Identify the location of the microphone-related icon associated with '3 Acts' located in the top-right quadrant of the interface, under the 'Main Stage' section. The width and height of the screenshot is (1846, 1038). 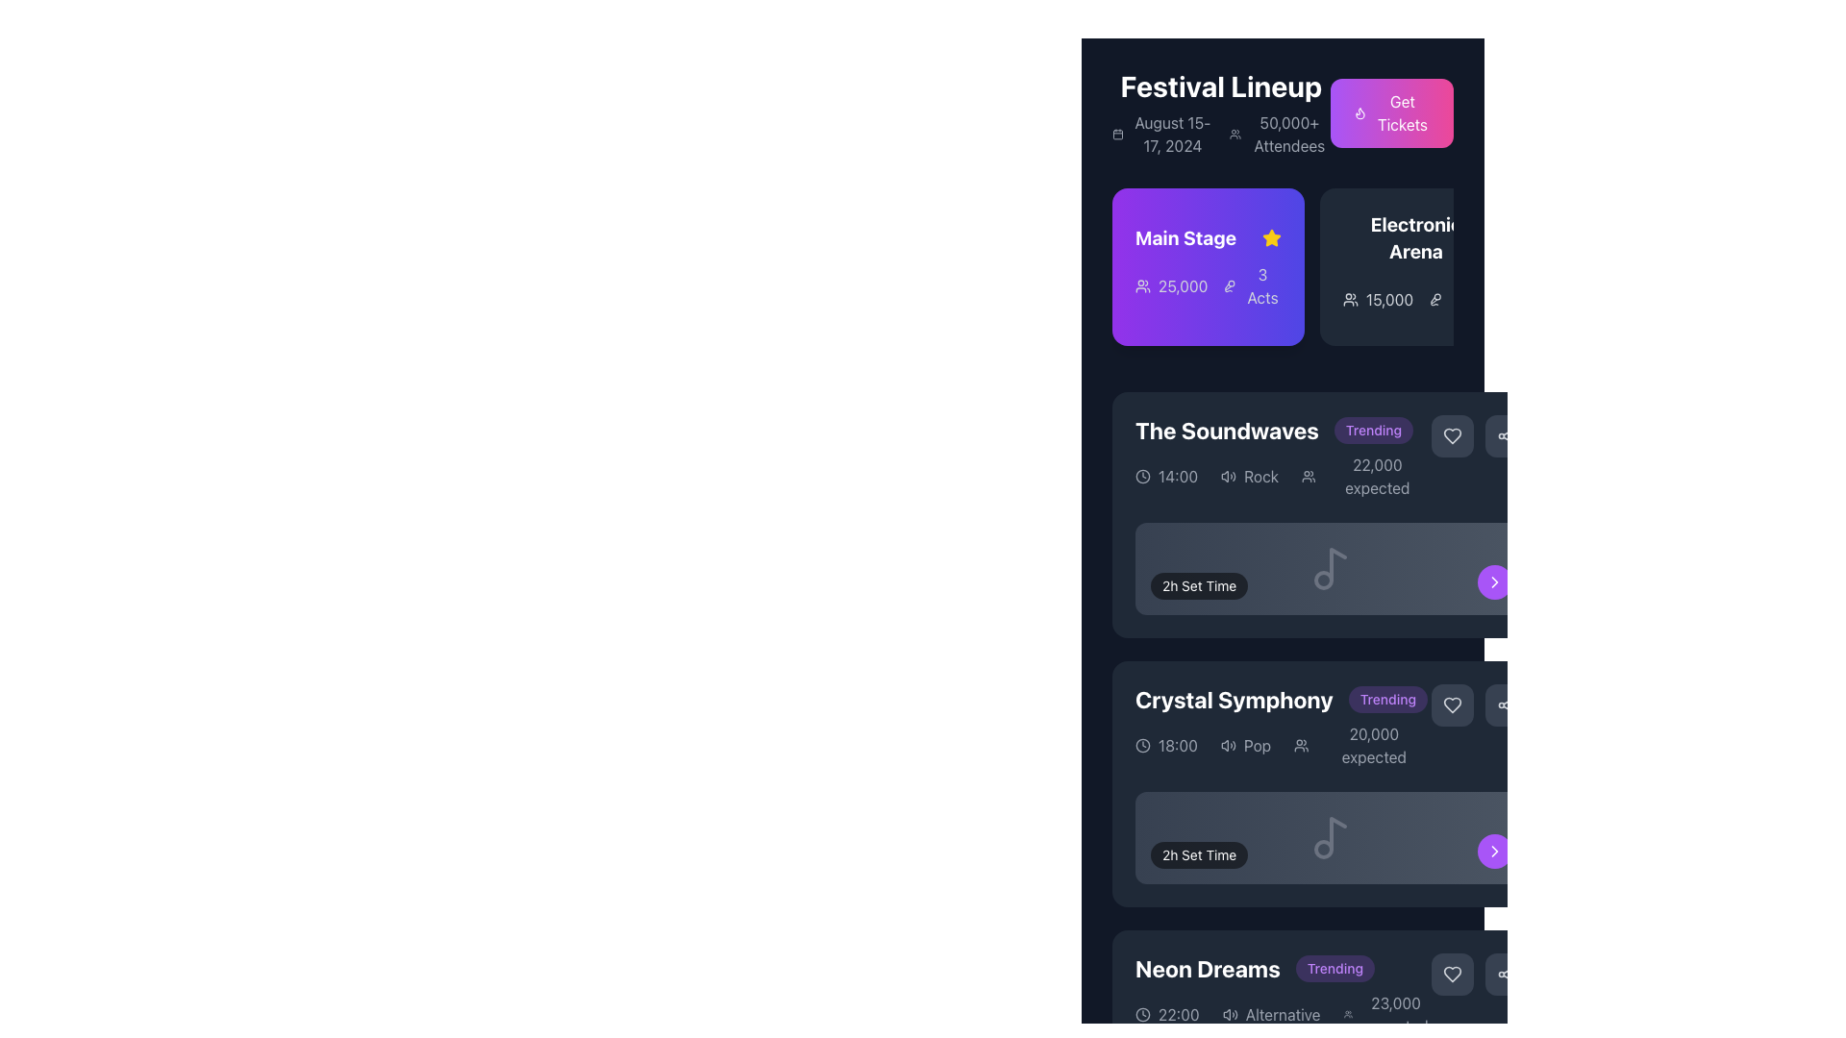
(1229, 285).